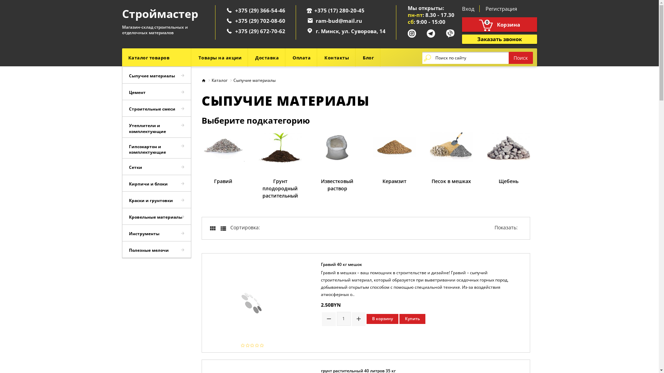  Describe the element at coordinates (313, 10) in the screenshot. I see `'+375 (17) 280-20-45'` at that location.